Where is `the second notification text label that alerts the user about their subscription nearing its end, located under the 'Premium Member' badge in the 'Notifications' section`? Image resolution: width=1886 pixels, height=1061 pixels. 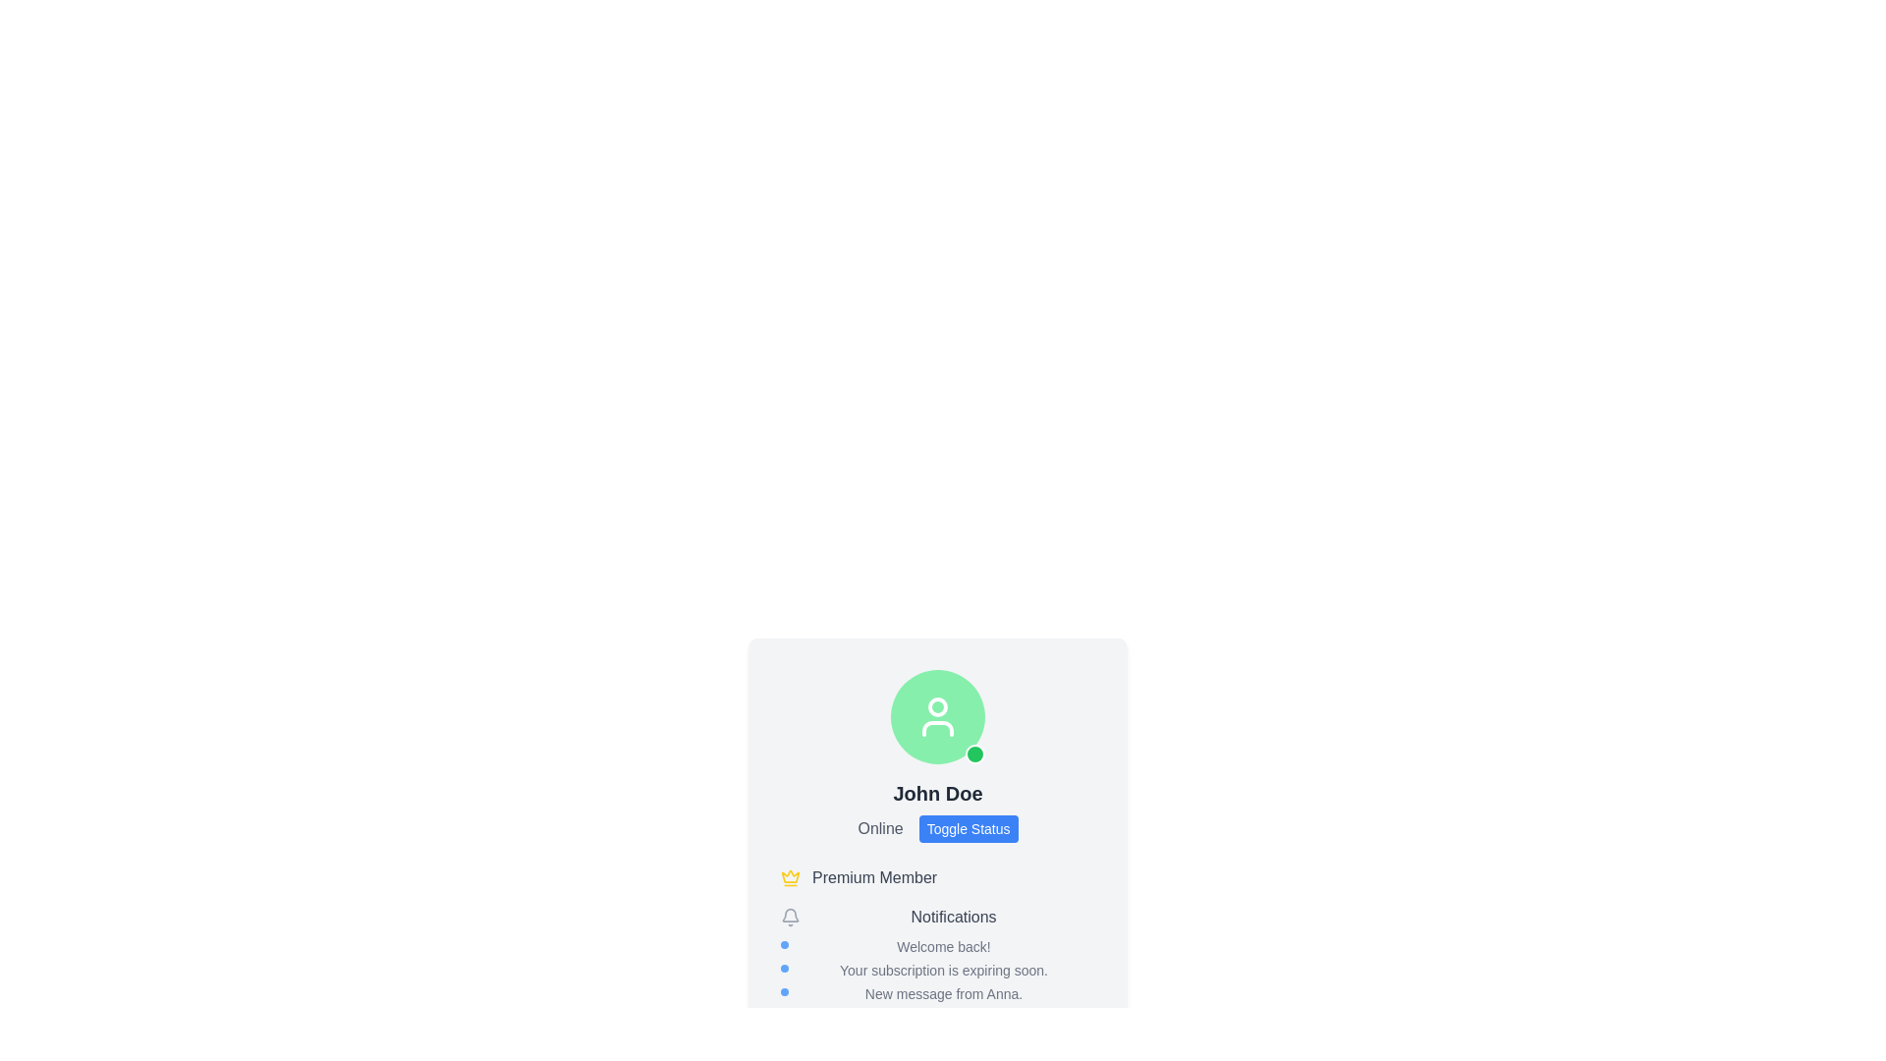
the second notification text label that alerts the user about their subscription nearing its end, located under the 'Premium Member' badge in the 'Notifications' section is located at coordinates (937, 969).